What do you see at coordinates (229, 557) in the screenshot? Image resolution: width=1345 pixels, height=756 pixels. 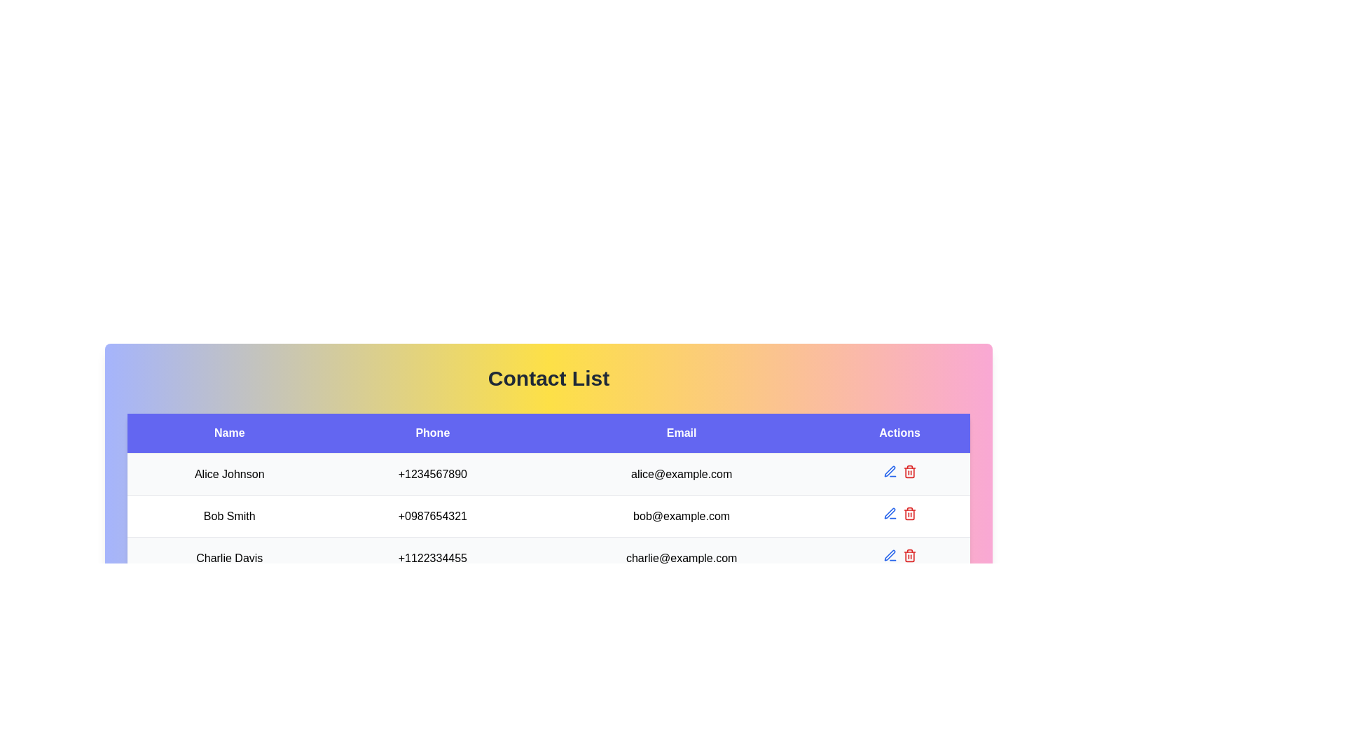 I see `the text element displaying 'Charlie Davis'` at bounding box center [229, 557].